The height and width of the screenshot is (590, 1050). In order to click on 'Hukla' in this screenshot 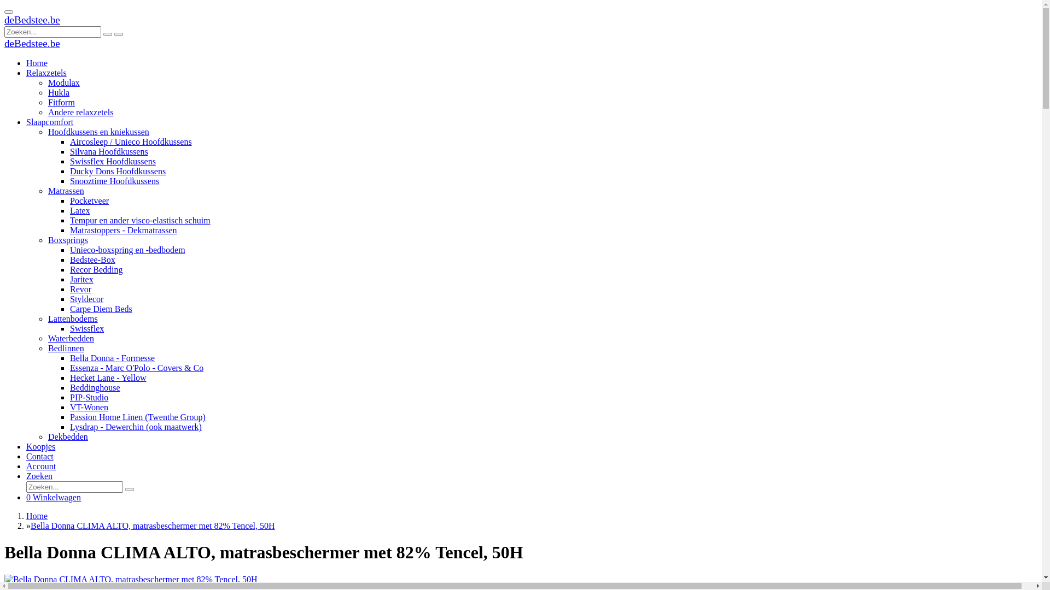, I will do `click(58, 92)`.